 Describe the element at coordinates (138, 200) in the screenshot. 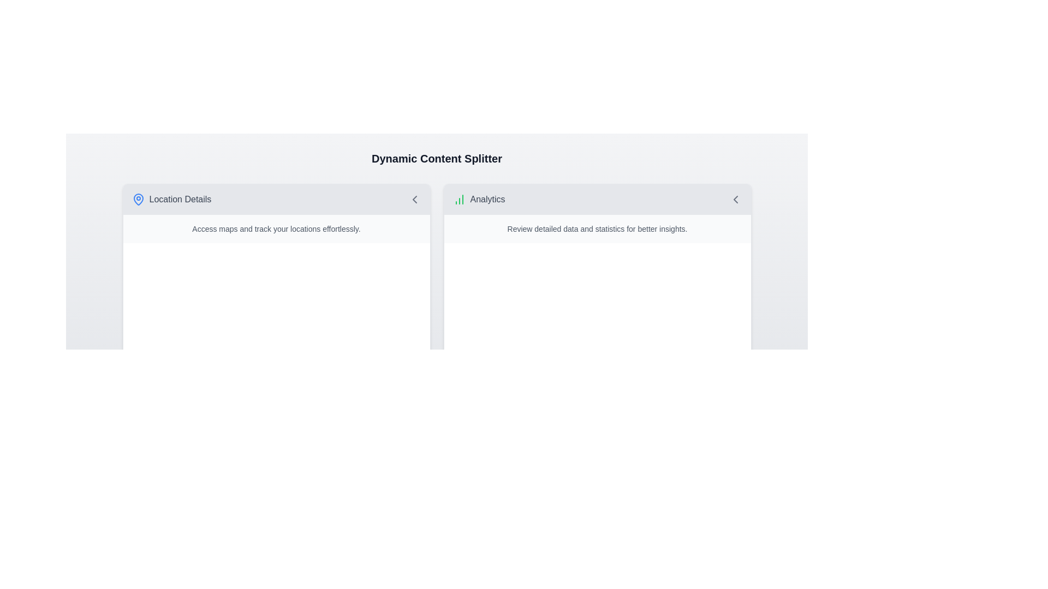

I see `the geographical location marker icon within the 'Location Details' tile header` at that location.